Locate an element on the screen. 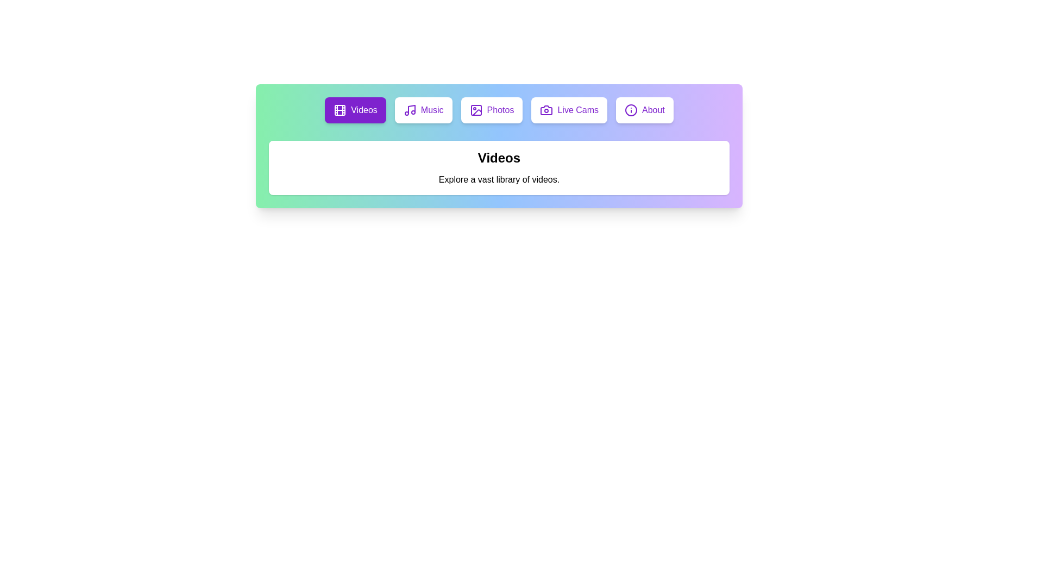 The image size is (1043, 587). the Videos tab to view its content is located at coordinates (355, 110).